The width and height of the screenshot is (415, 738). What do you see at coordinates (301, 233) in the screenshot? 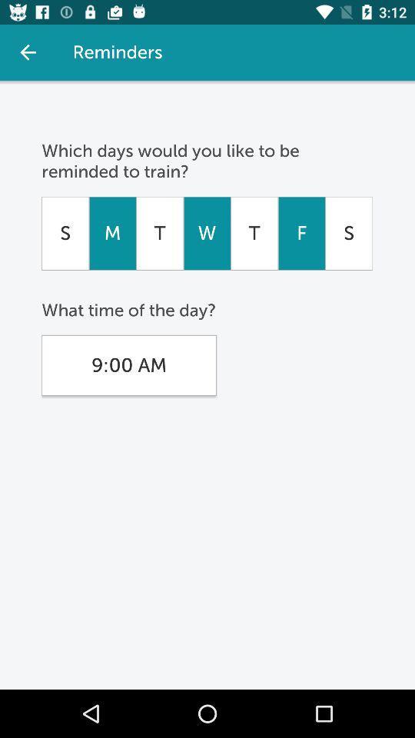
I see `item below which days would` at bounding box center [301, 233].